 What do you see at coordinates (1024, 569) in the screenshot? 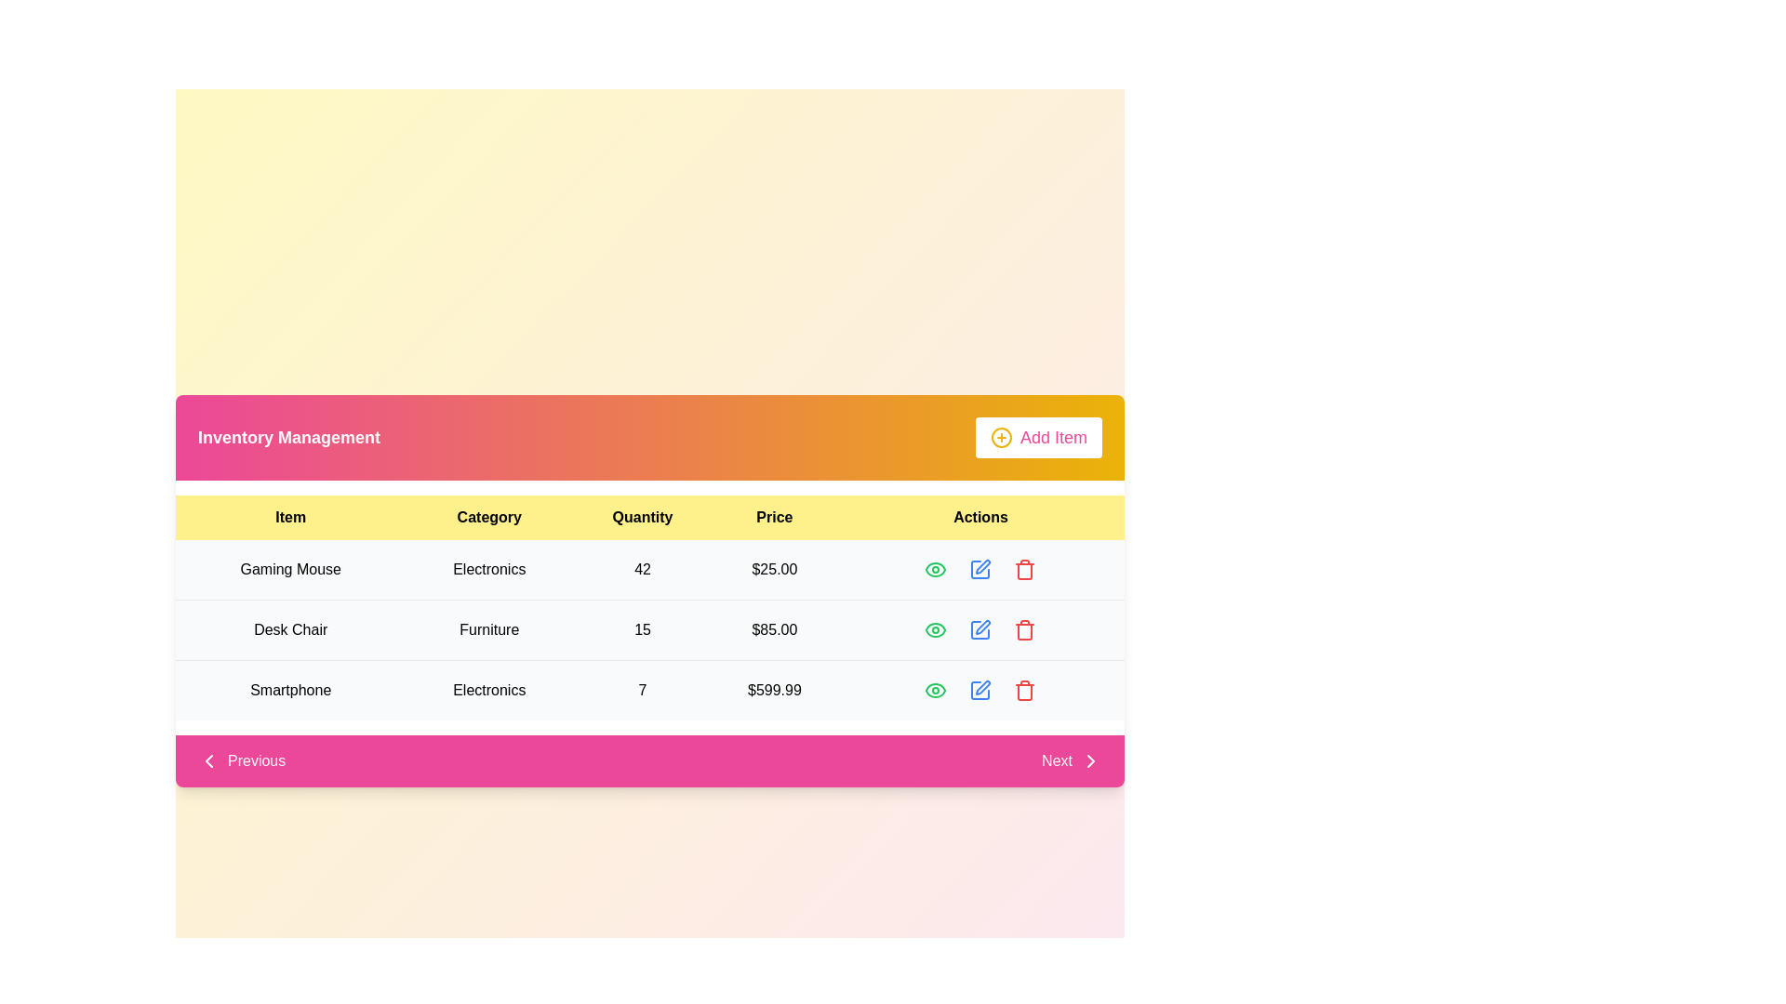
I see `the delete icon button in the Actions column of the table grid associated with the 'Gaming Mouse' entry` at bounding box center [1024, 569].